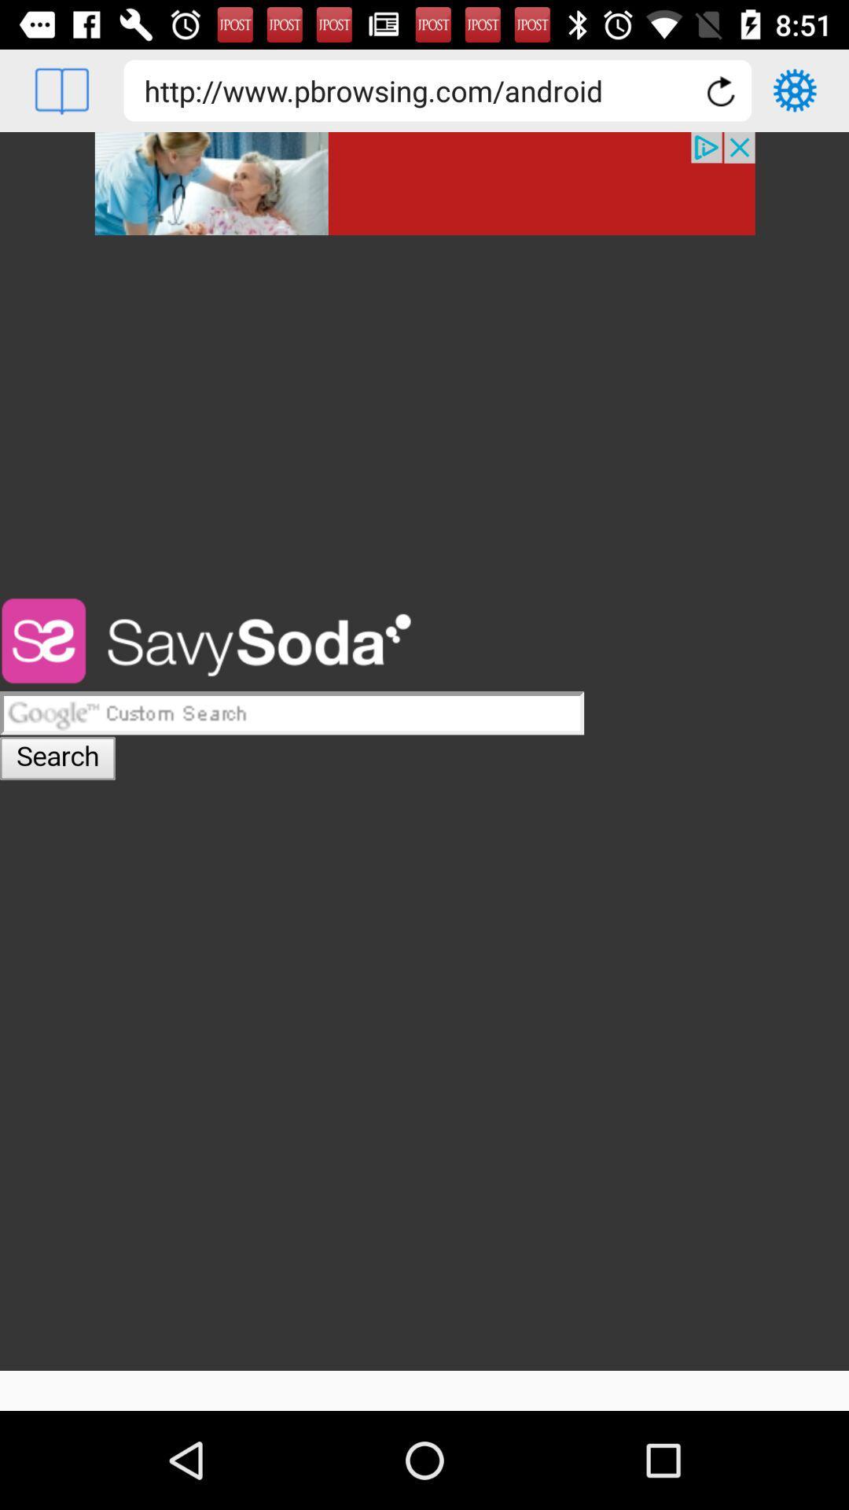 The image size is (849, 1510). I want to click on the settings icon, so click(795, 90).